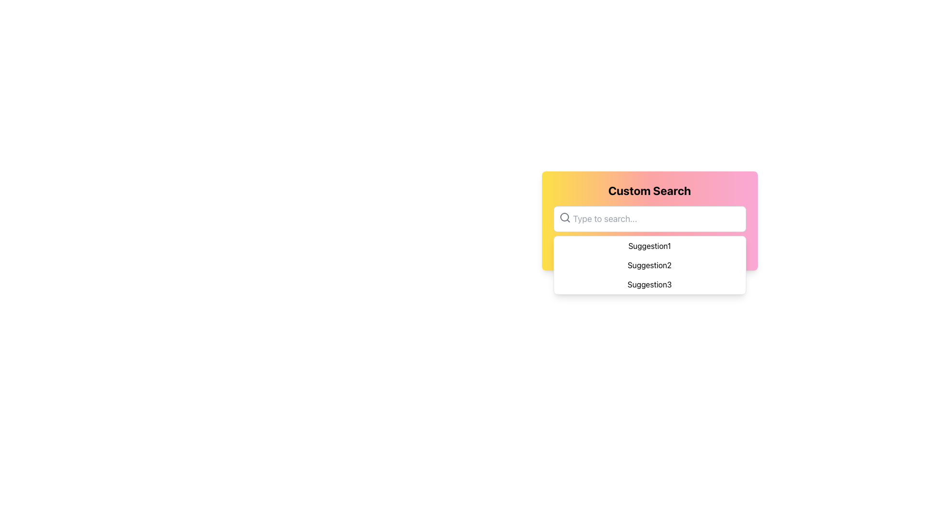  I want to click on the first suggestion in the dropdown menu located below the search input box, so click(649, 245).